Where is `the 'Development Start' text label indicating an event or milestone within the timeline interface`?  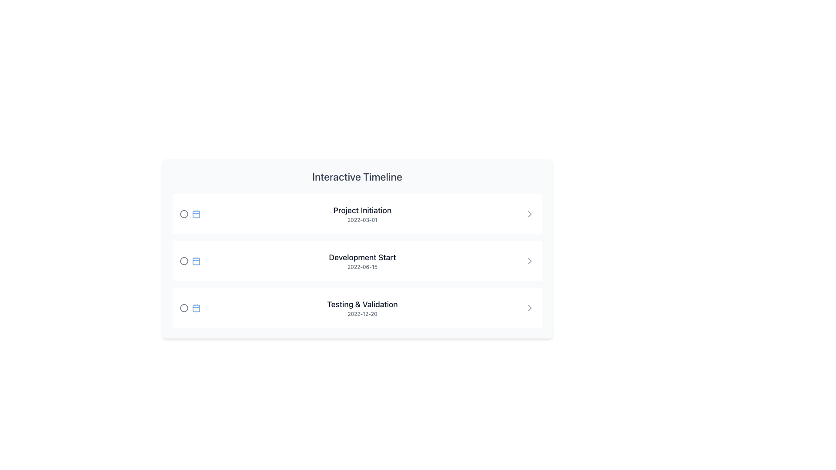
the 'Development Start' text label indicating an event or milestone within the timeline interface is located at coordinates (362, 257).